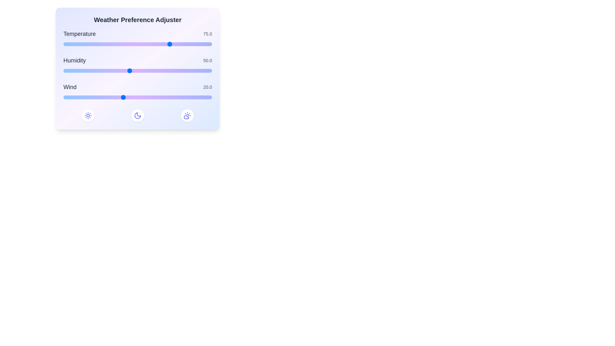  What do you see at coordinates (102, 97) in the screenshot?
I see `wind preference` at bounding box center [102, 97].